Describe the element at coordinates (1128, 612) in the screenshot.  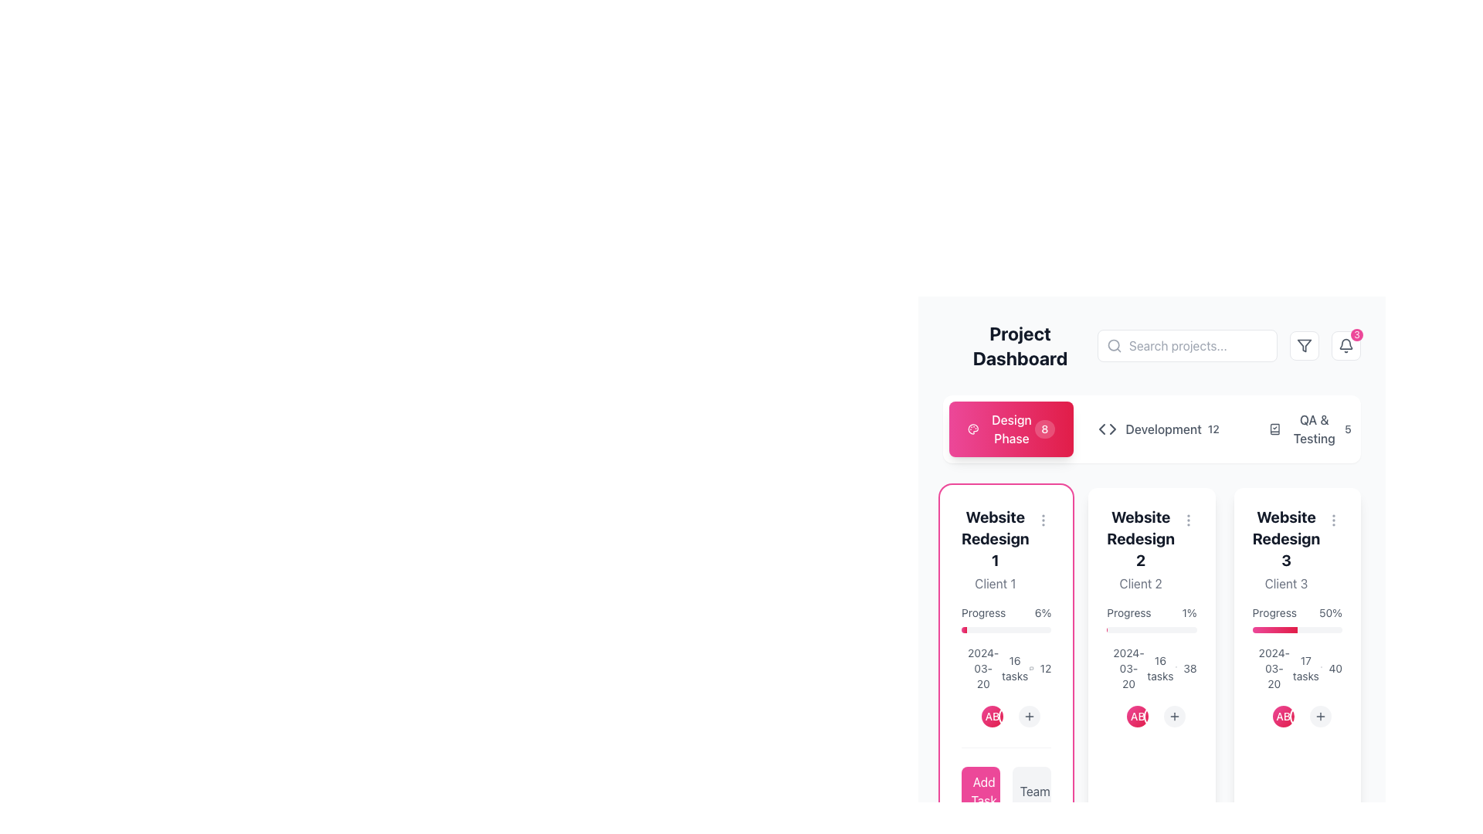
I see `the Text label indicating the start of the progress section within the 'Website Redesign 2' card, located to the left of the '1%' completion percentage` at that location.